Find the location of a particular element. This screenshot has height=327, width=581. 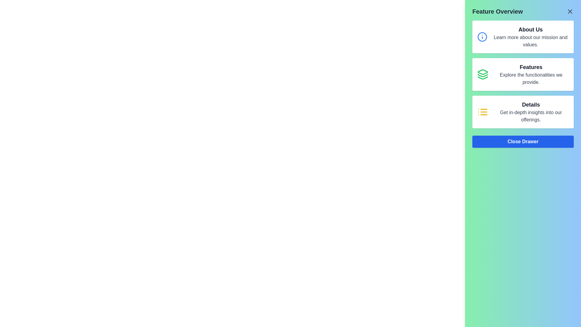

information presented in the 'About Us' informational card, which features a bold title and descriptive text, located at the top of the 'Feature Overview' drawer is located at coordinates (523, 37).